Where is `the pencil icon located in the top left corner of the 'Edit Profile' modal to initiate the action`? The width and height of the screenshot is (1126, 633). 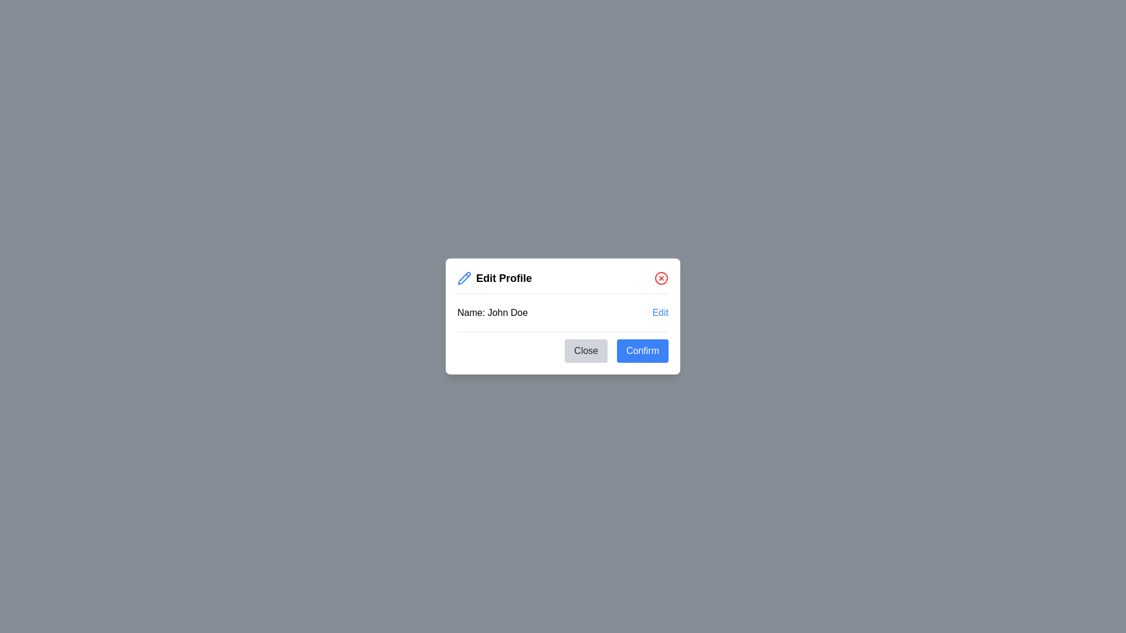
the pencil icon located in the top left corner of the 'Edit Profile' modal to initiate the action is located at coordinates (464, 278).